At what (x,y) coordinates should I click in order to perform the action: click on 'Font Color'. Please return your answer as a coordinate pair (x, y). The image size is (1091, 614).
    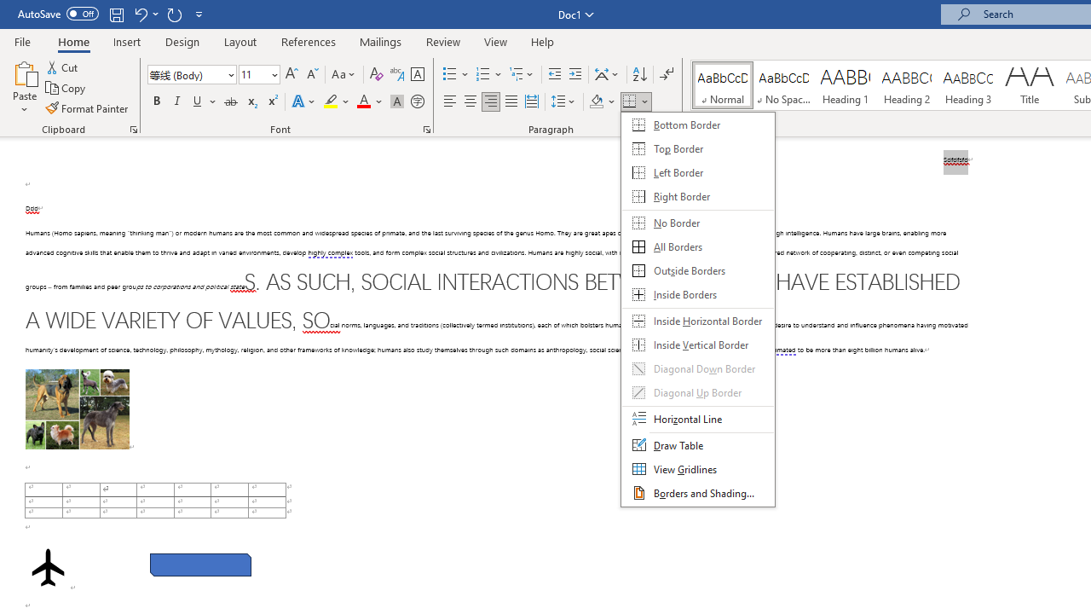
    Looking at the image, I should click on (369, 101).